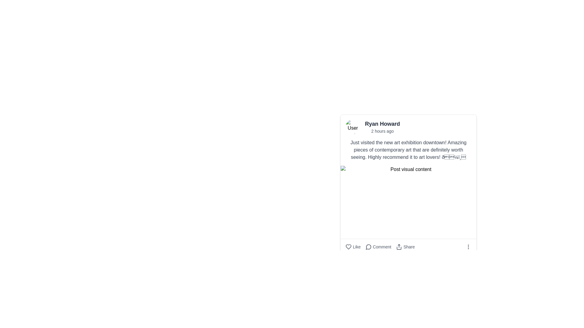 This screenshot has width=584, height=328. What do you see at coordinates (368, 247) in the screenshot?
I see `the comment indicator icon located at the bottom of the post` at bounding box center [368, 247].